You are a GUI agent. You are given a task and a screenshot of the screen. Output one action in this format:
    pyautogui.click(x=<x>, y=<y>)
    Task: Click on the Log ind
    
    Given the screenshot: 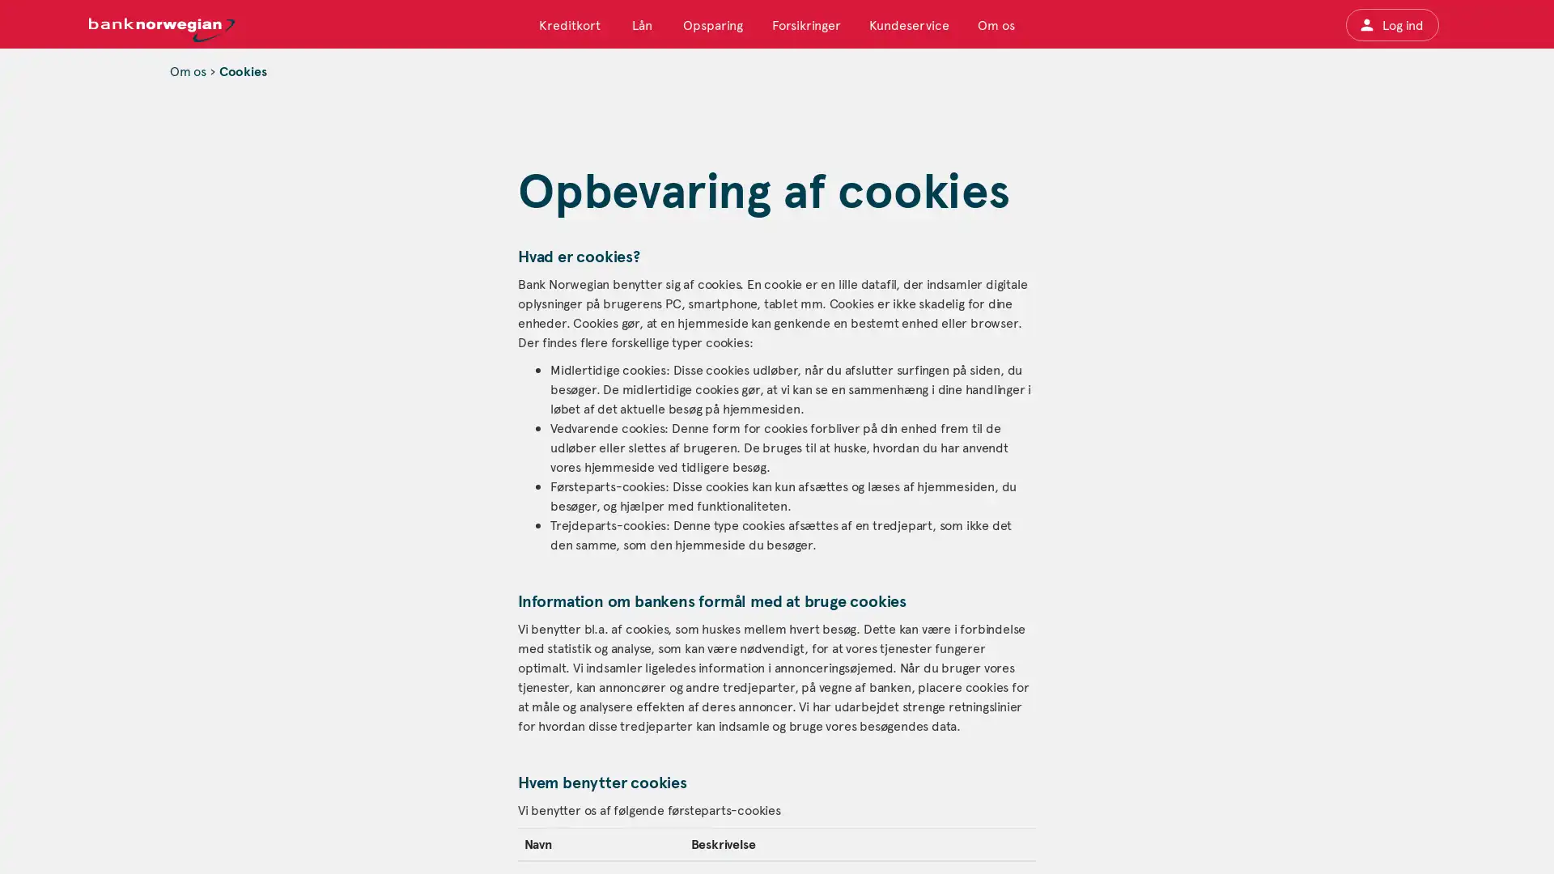 What is the action you would take?
    pyautogui.click(x=1391, y=24)
    